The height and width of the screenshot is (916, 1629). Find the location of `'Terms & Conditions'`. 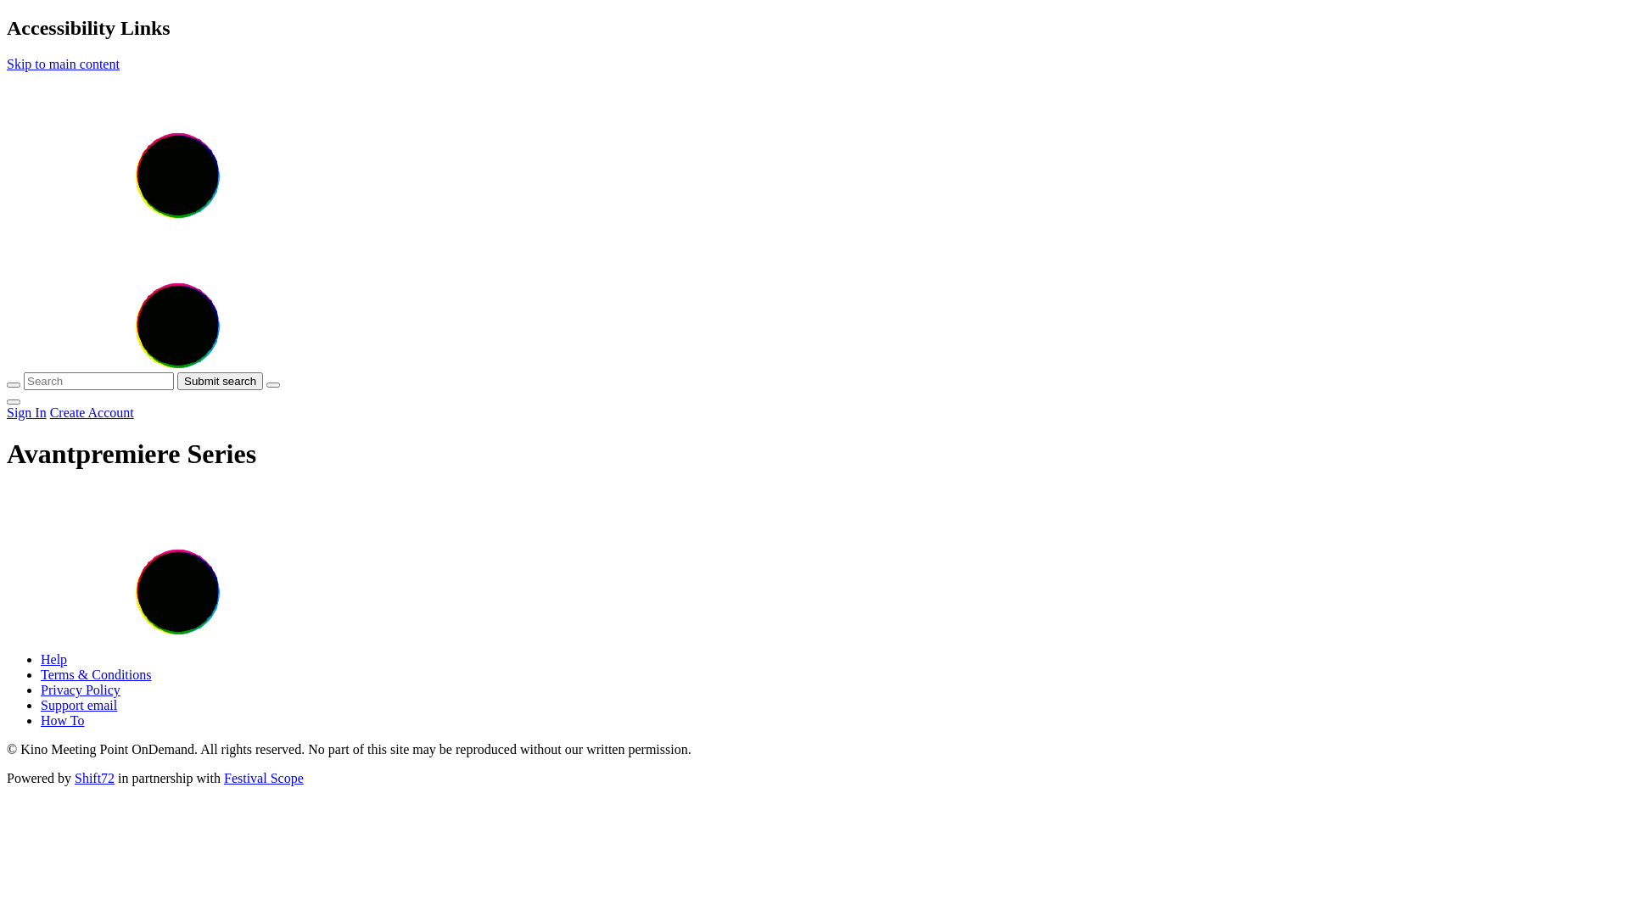

'Terms & Conditions' is located at coordinates (95, 673).